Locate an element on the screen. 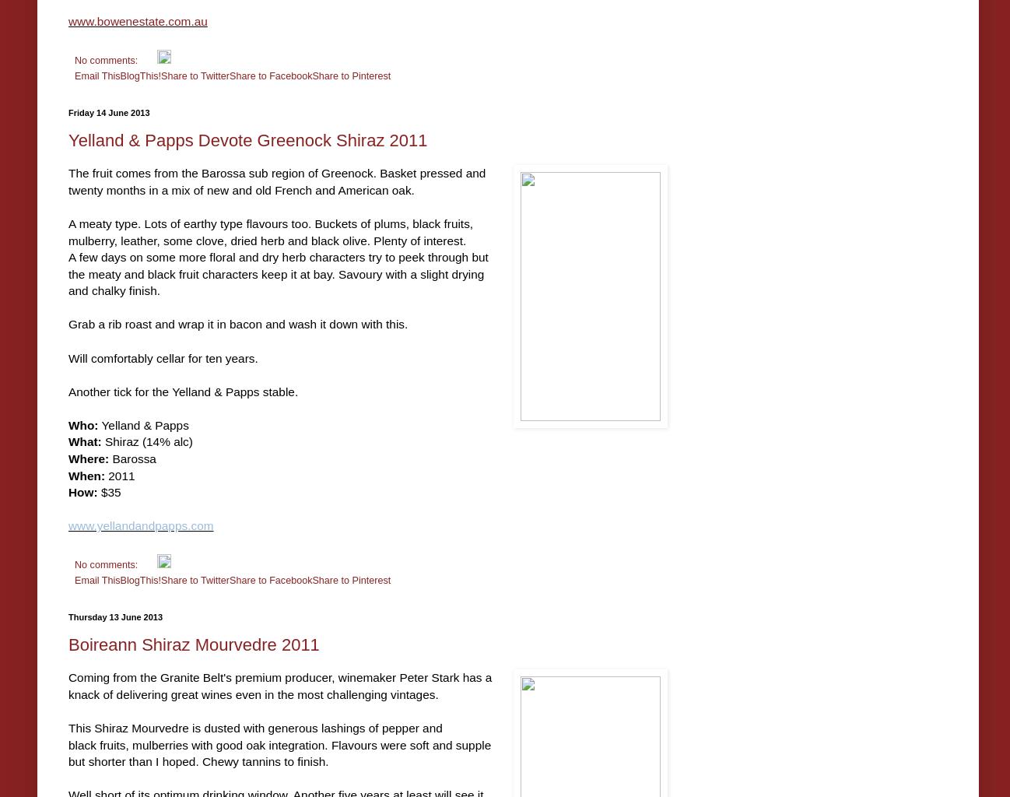 This screenshot has height=797, width=1010. 'Thursday 13 June 2013' is located at coordinates (114, 616).